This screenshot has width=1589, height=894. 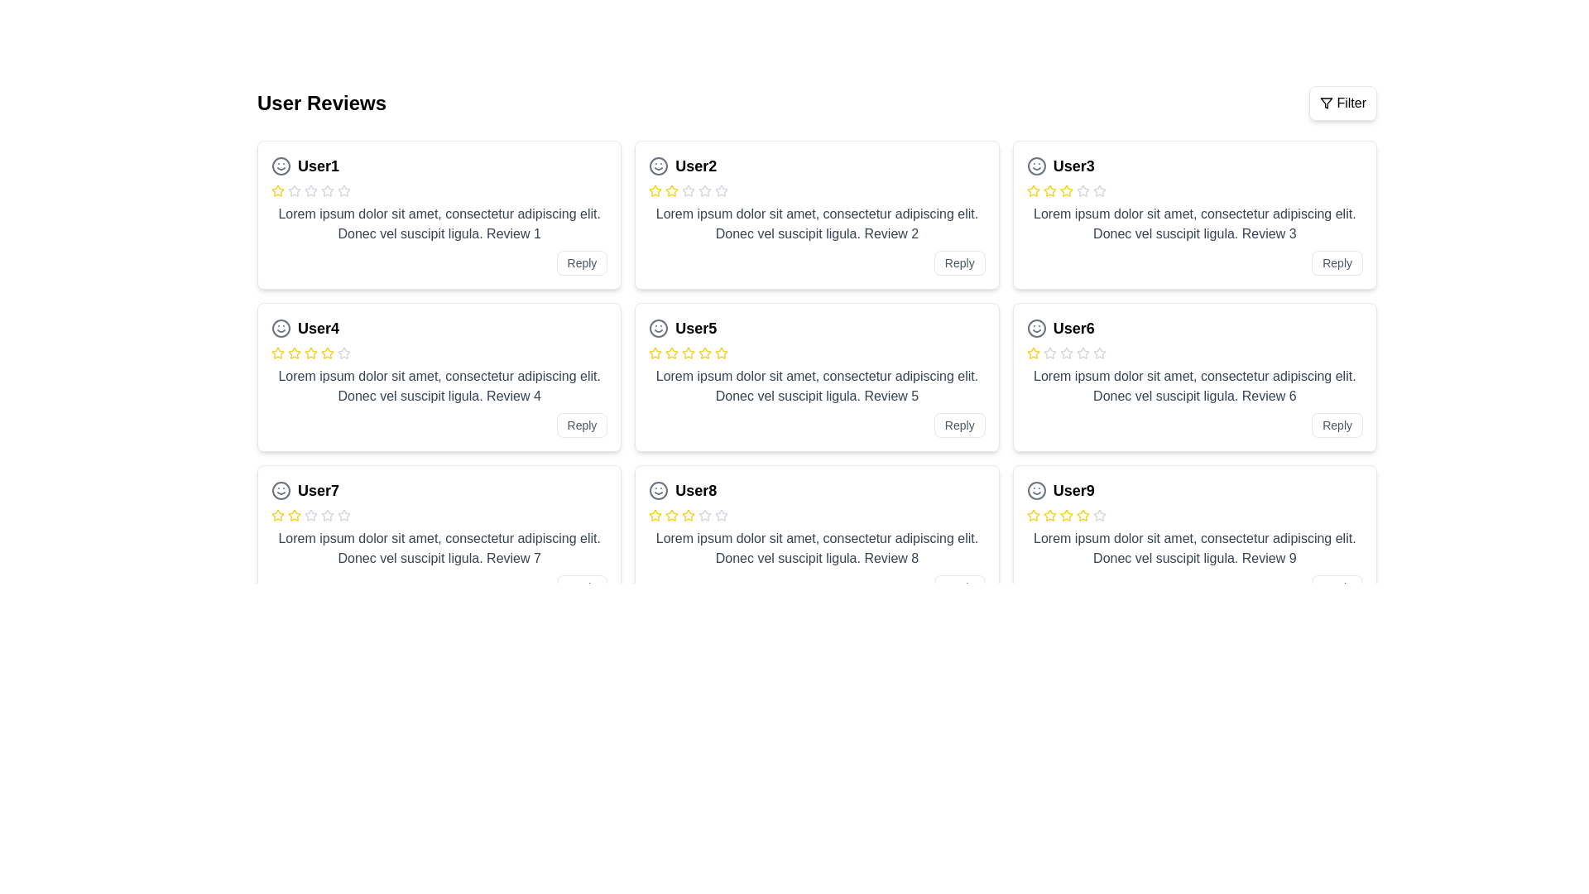 I want to click on the second star icon in the rating system located in the second card titled 'User2' in the review grid, so click(x=705, y=190).